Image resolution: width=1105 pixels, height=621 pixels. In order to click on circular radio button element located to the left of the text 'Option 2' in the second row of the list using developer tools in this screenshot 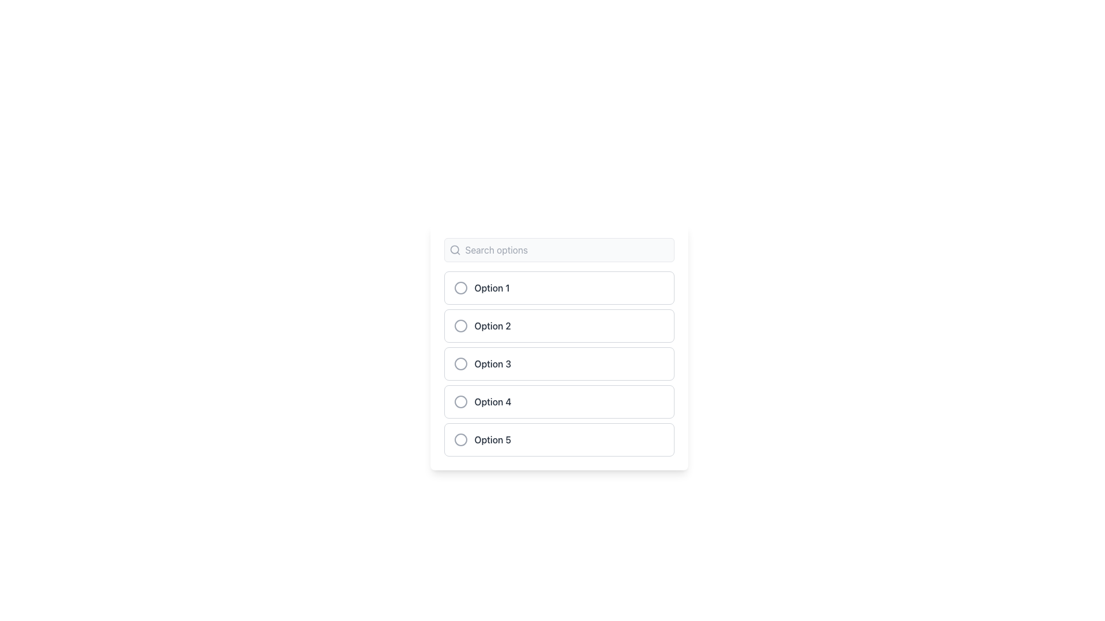, I will do `click(460, 326)`.